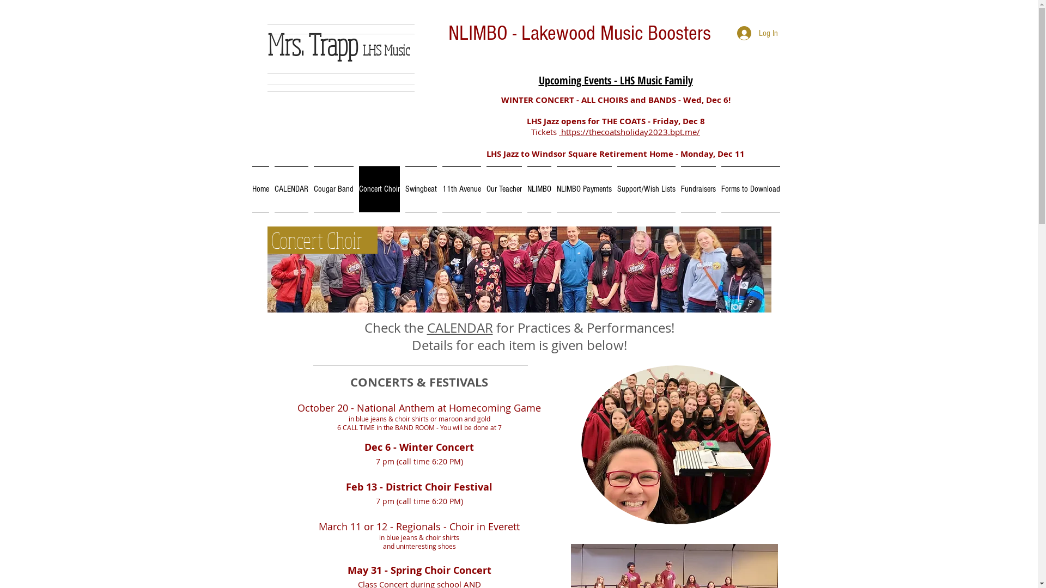  What do you see at coordinates (756, 33) in the screenshot?
I see `'Log In'` at bounding box center [756, 33].